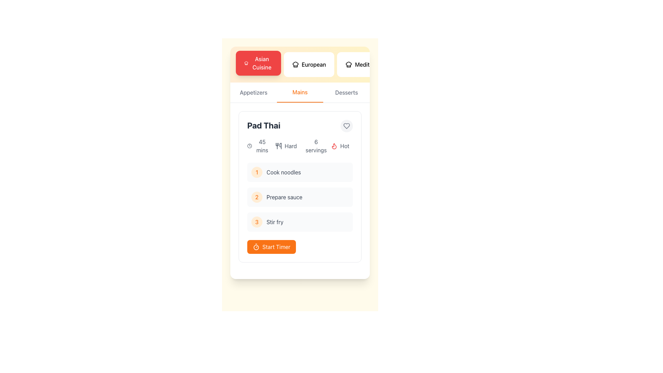  I want to click on the 'European' cuisine icon, which is located to the right of the 'Asian Cuisine' text label in the top portion of the interface, so click(349, 64).